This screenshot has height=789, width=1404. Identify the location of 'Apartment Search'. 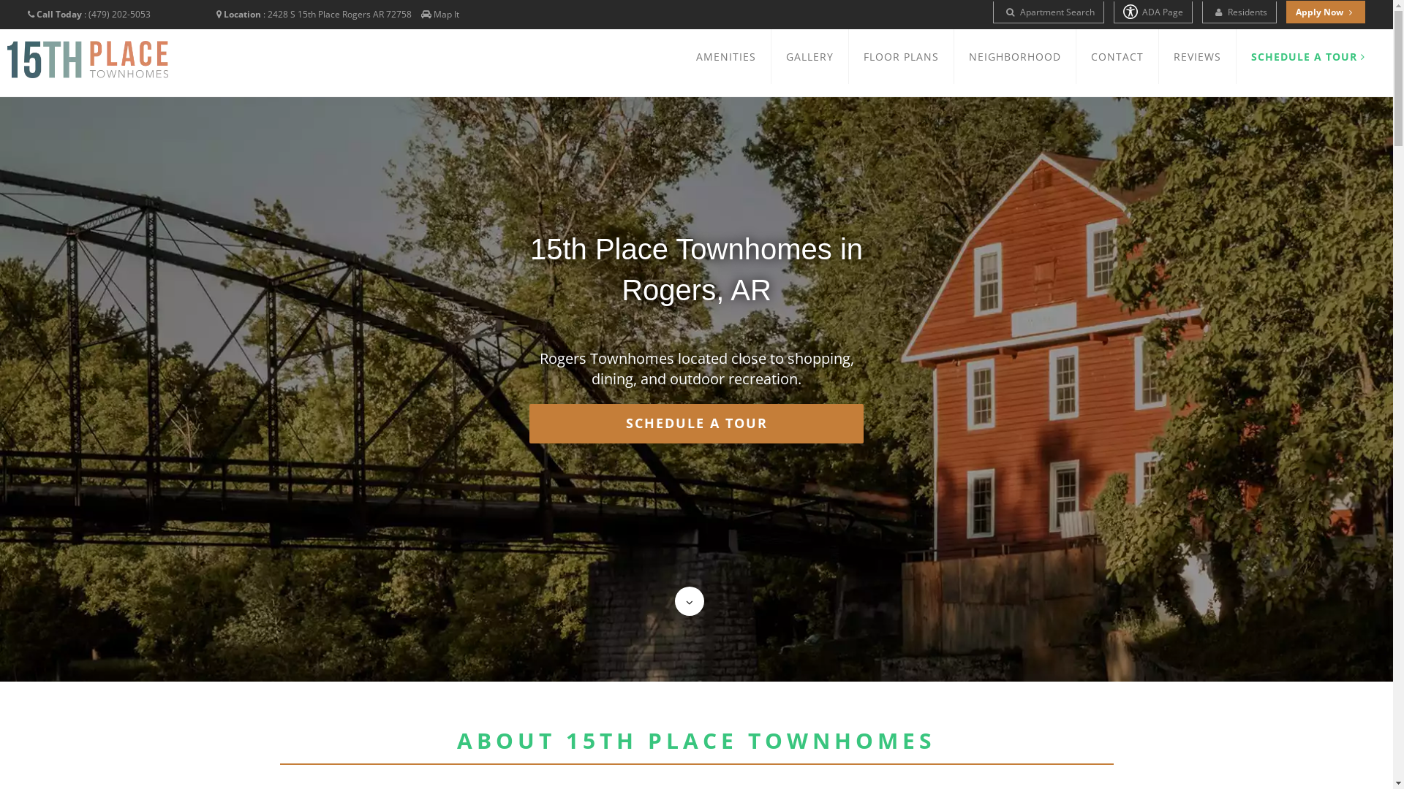
(1048, 12).